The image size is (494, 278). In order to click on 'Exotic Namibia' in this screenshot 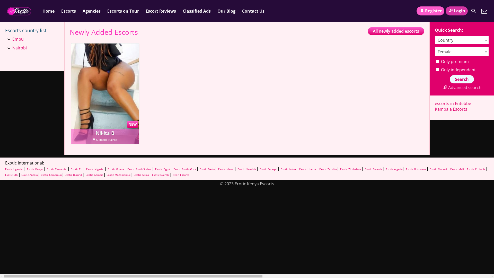, I will do `click(246, 169)`.